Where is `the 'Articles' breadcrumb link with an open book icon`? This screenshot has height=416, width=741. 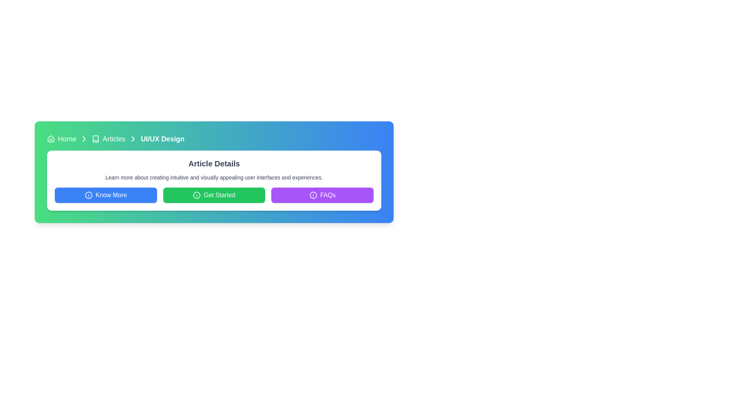 the 'Articles' breadcrumb link with an open book icon is located at coordinates (108, 139).